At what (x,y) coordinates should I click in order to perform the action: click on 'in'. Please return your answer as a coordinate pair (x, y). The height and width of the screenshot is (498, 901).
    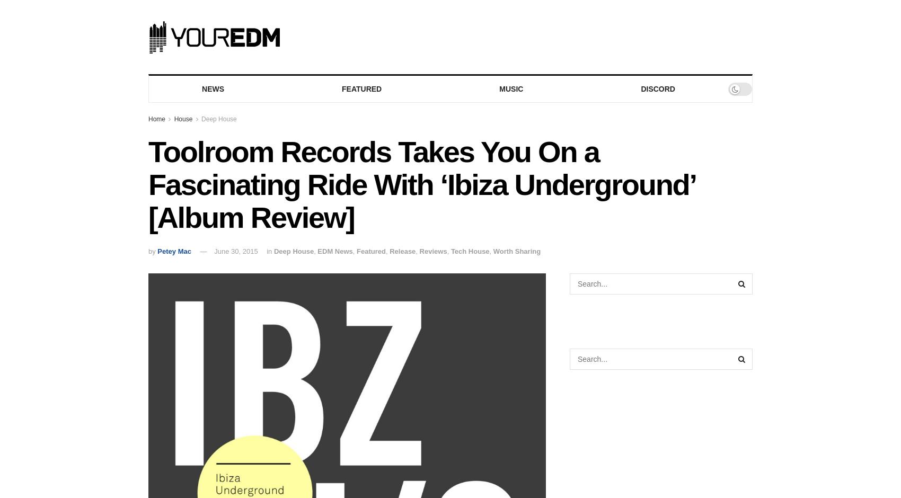
    Looking at the image, I should click on (269, 251).